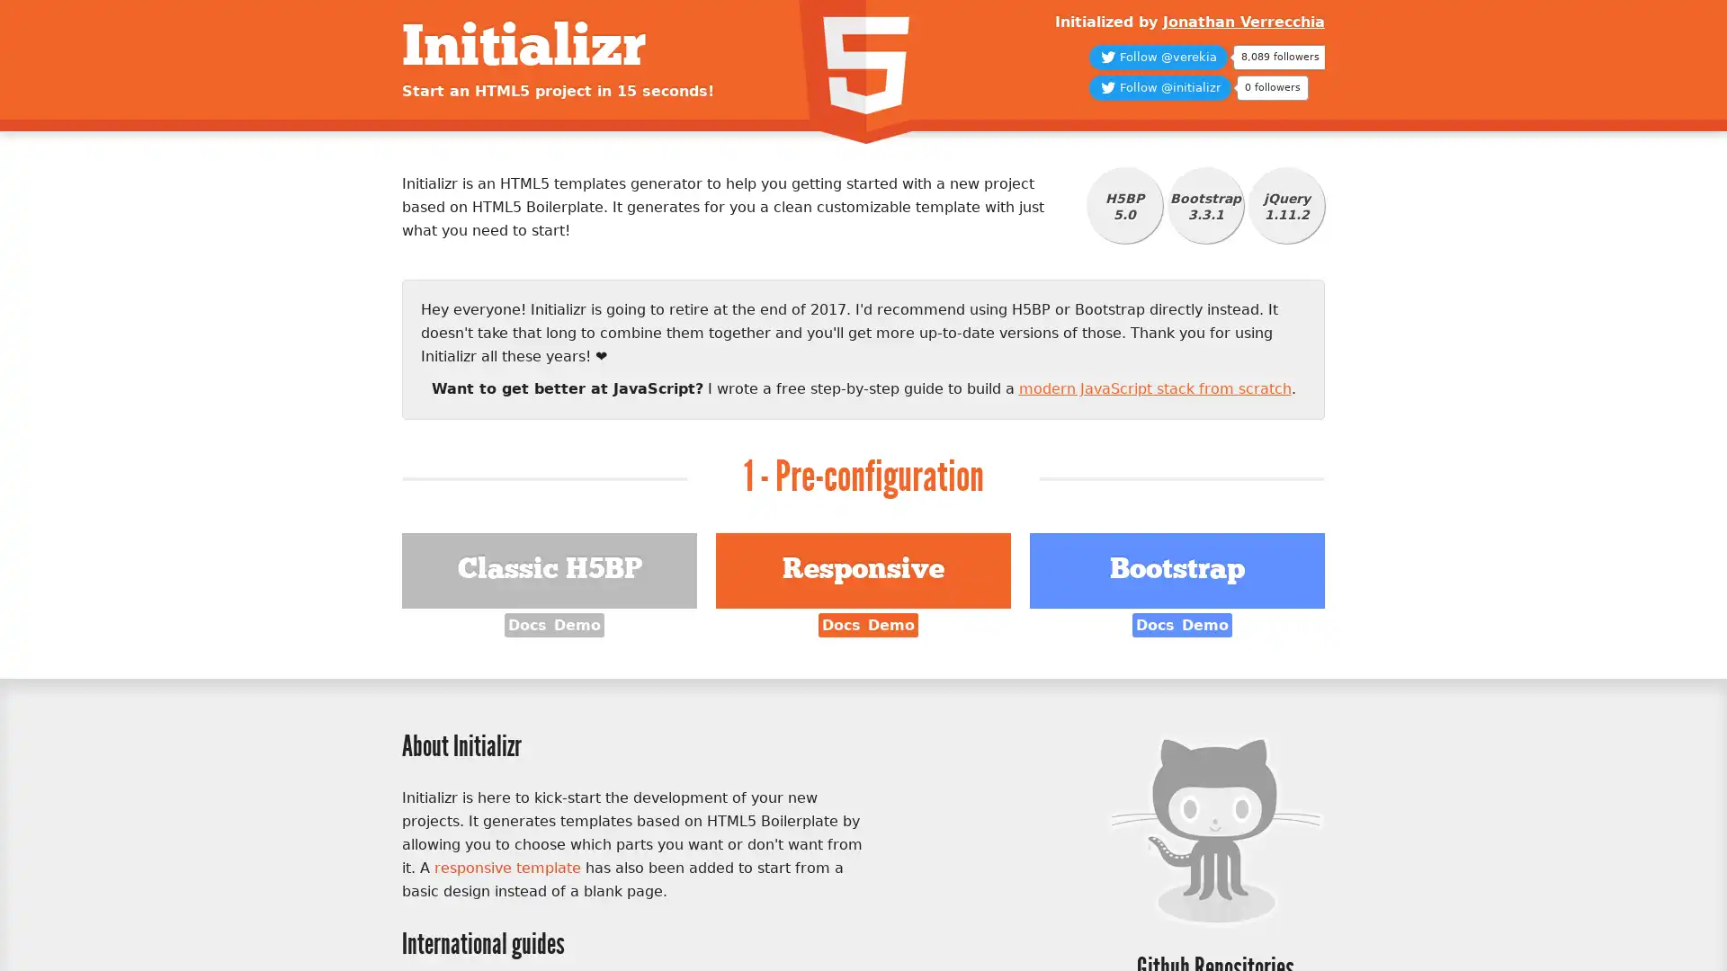  Describe the element at coordinates (548, 571) in the screenshot. I see `Classic H5BP` at that location.